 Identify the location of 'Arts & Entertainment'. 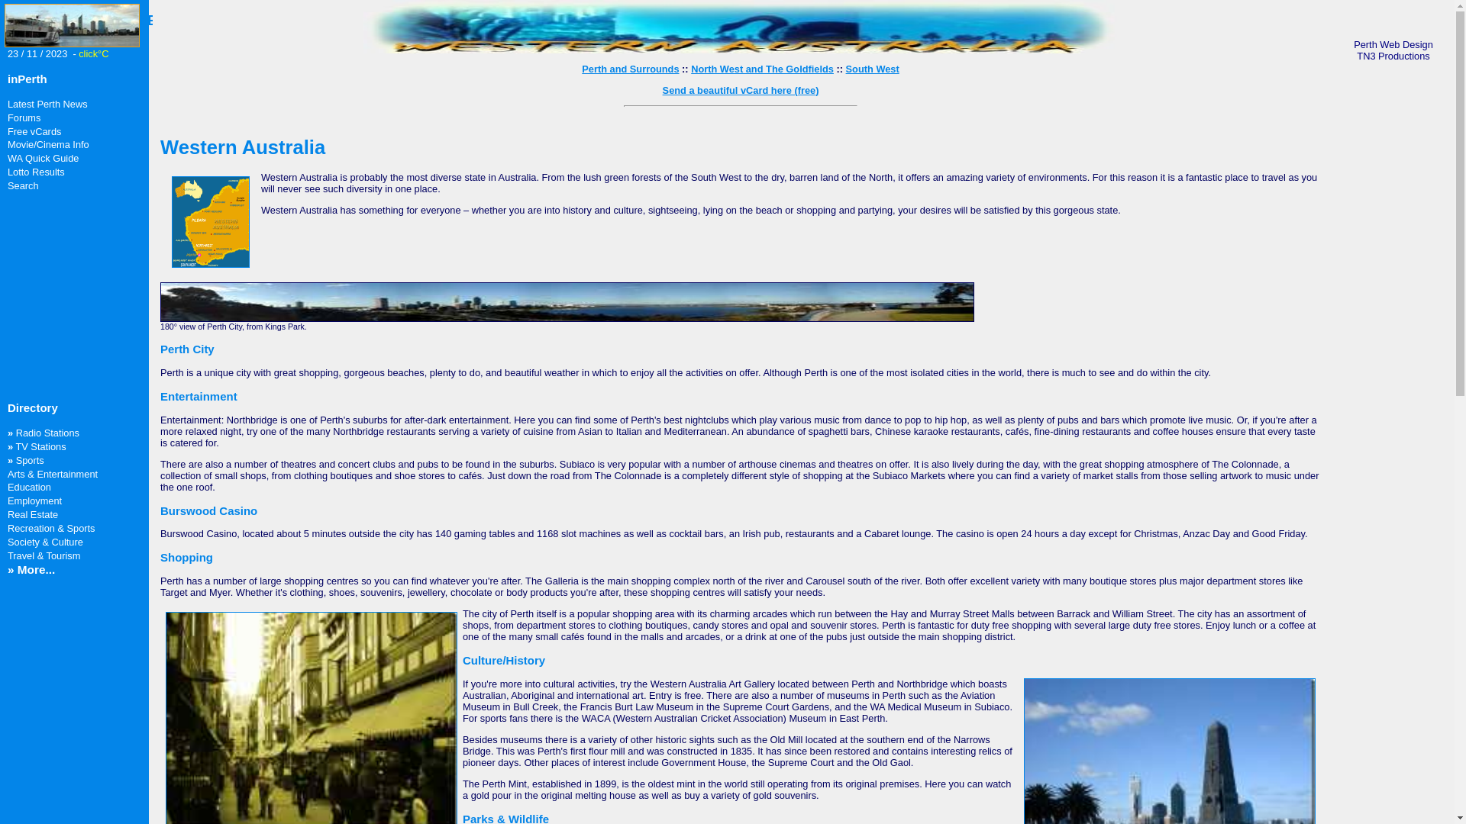
(52, 473).